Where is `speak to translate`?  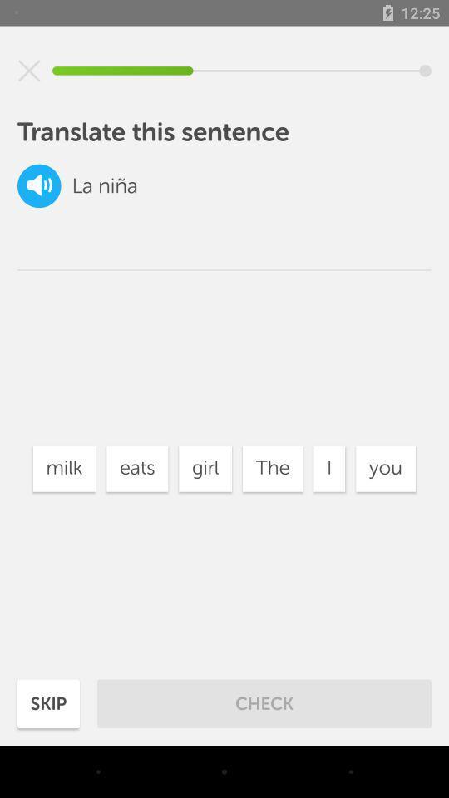
speak to translate is located at coordinates (39, 185).